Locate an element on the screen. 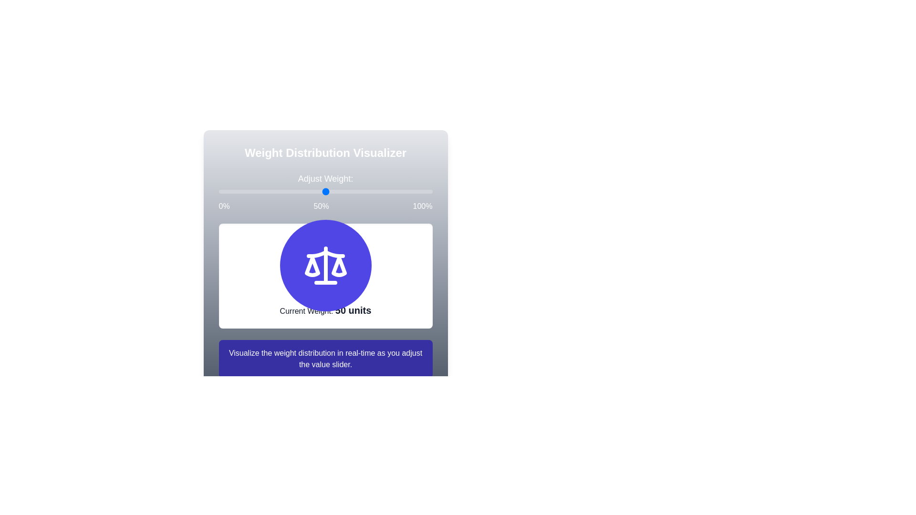 Image resolution: width=916 pixels, height=515 pixels. the weight slider to set the weight to 12% is located at coordinates (218, 191).